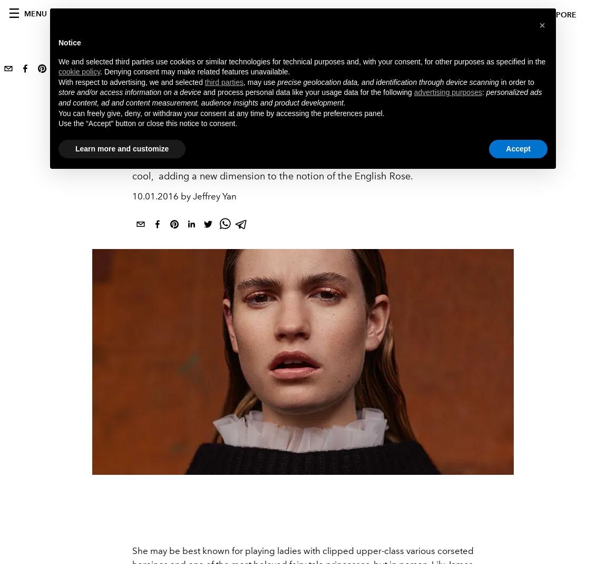 This screenshot has width=606, height=564. What do you see at coordinates (69, 42) in the screenshot?
I see `'Notice'` at bounding box center [69, 42].